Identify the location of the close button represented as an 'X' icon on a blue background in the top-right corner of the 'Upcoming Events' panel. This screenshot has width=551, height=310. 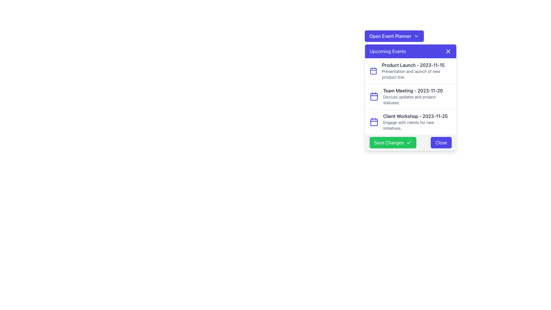
(448, 51).